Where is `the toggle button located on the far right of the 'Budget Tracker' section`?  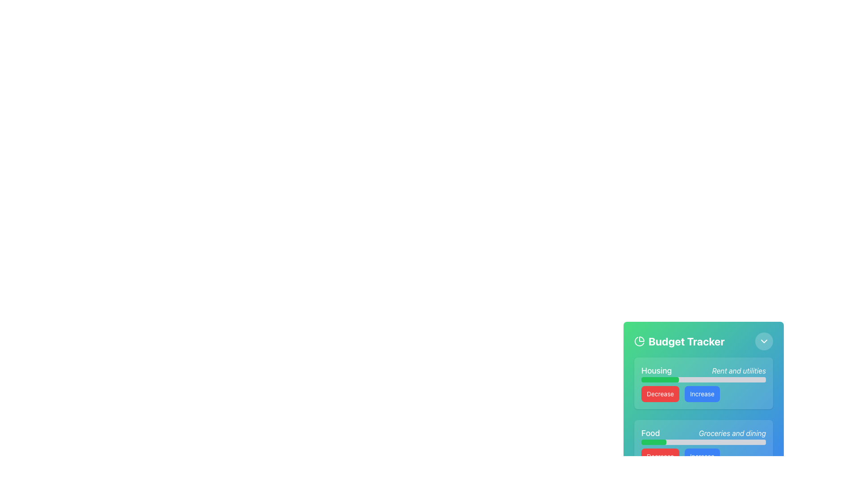 the toggle button located on the far right of the 'Budget Tracker' section is located at coordinates (764, 341).